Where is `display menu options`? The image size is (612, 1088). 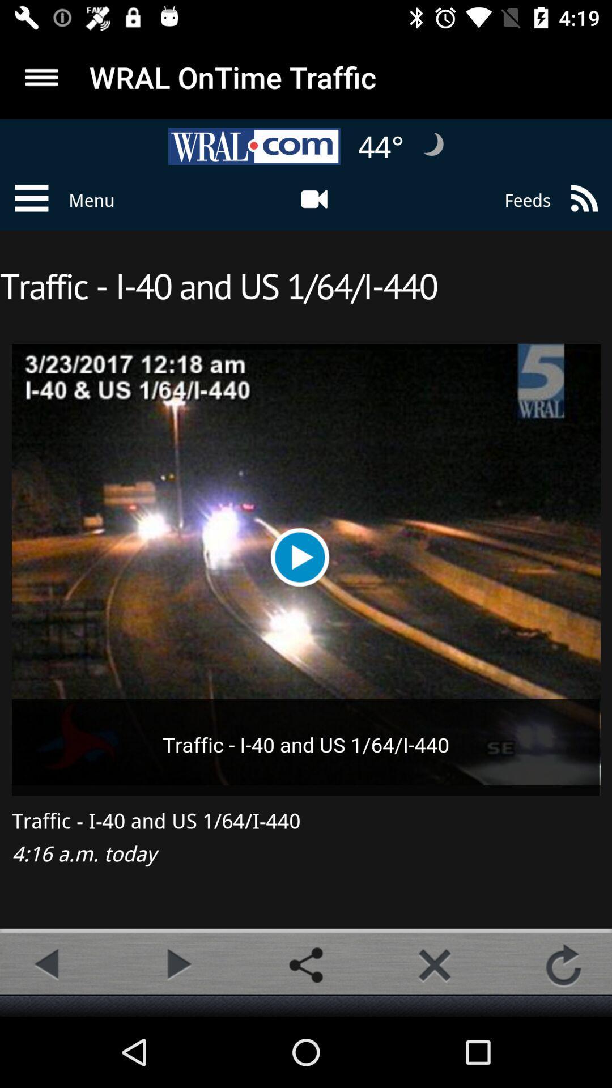
display menu options is located at coordinates (41, 76).